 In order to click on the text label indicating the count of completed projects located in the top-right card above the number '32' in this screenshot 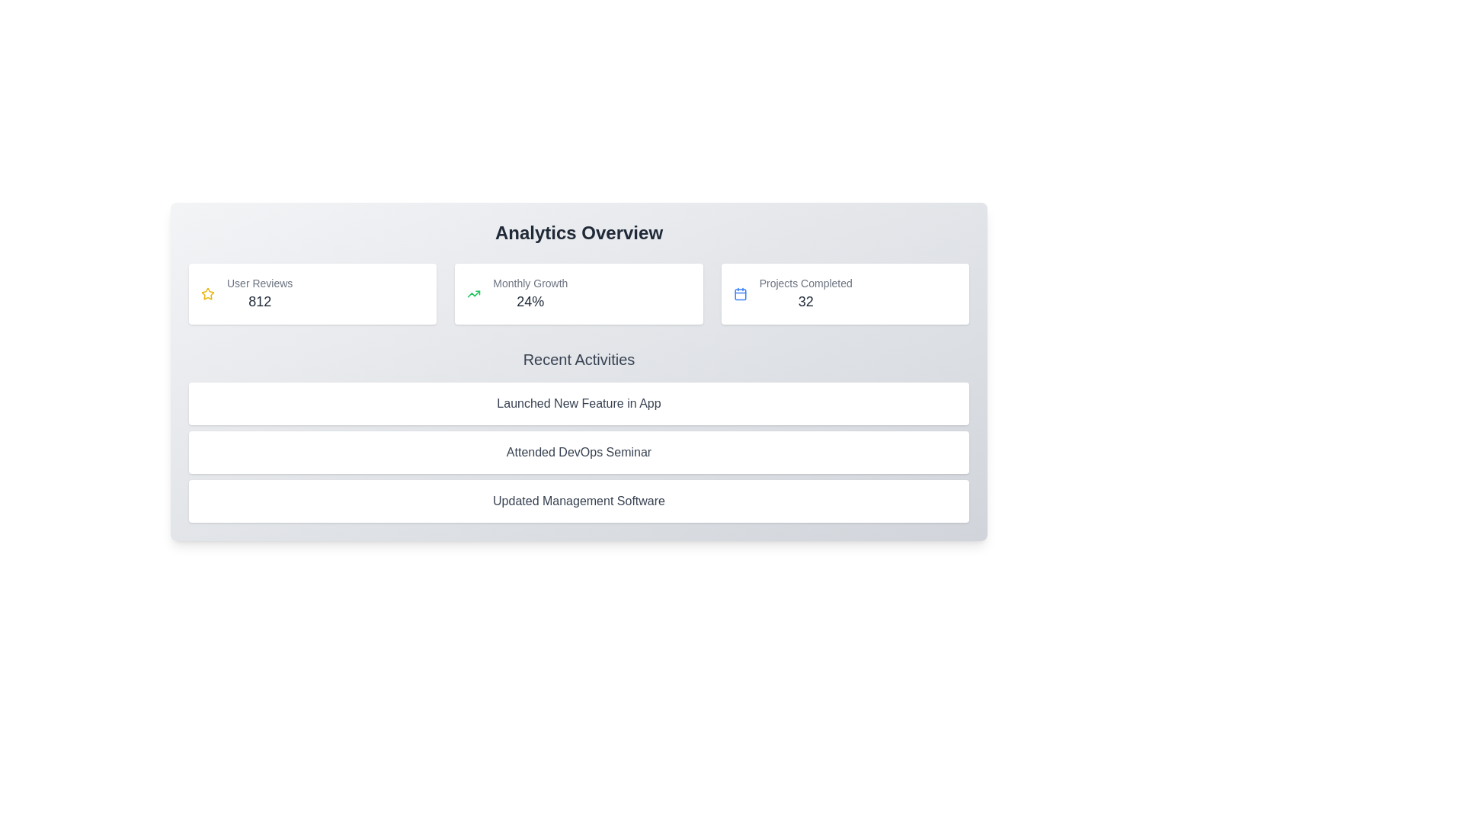, I will do `click(805, 283)`.